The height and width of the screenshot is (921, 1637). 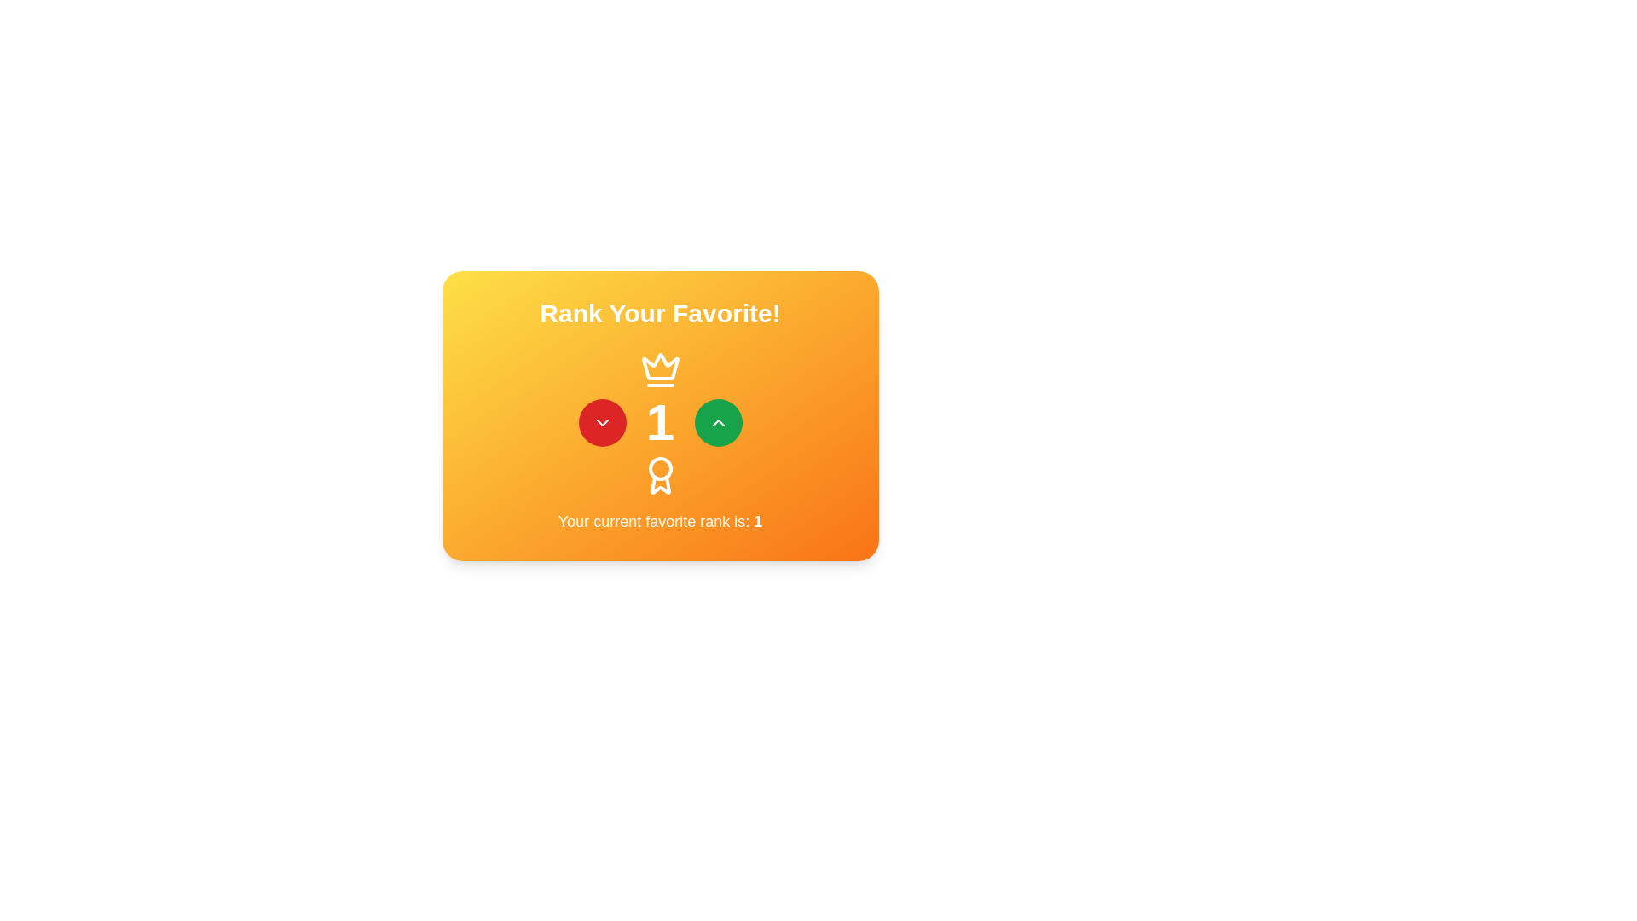 I want to click on the green circular button with a white upward-pointing chevron icon located to the right of the digit '1' to change its color, so click(x=718, y=422).